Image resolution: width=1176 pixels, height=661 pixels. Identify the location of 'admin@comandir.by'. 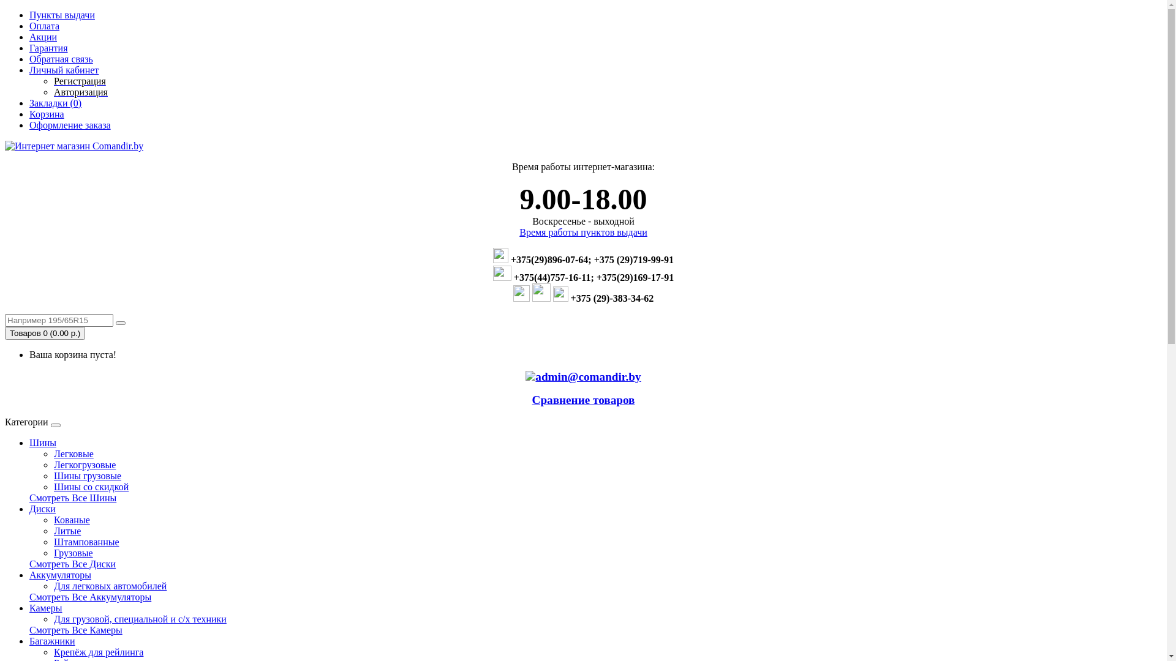
(535, 376).